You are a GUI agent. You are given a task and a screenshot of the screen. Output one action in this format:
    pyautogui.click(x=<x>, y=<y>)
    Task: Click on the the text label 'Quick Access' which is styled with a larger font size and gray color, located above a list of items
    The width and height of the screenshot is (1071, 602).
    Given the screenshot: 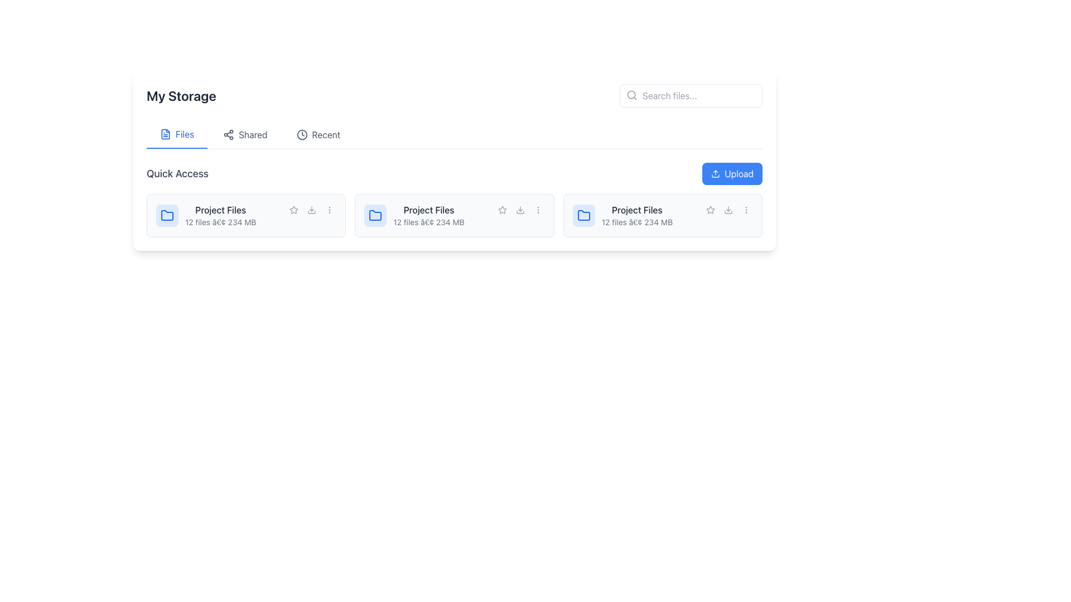 What is the action you would take?
    pyautogui.click(x=177, y=174)
    